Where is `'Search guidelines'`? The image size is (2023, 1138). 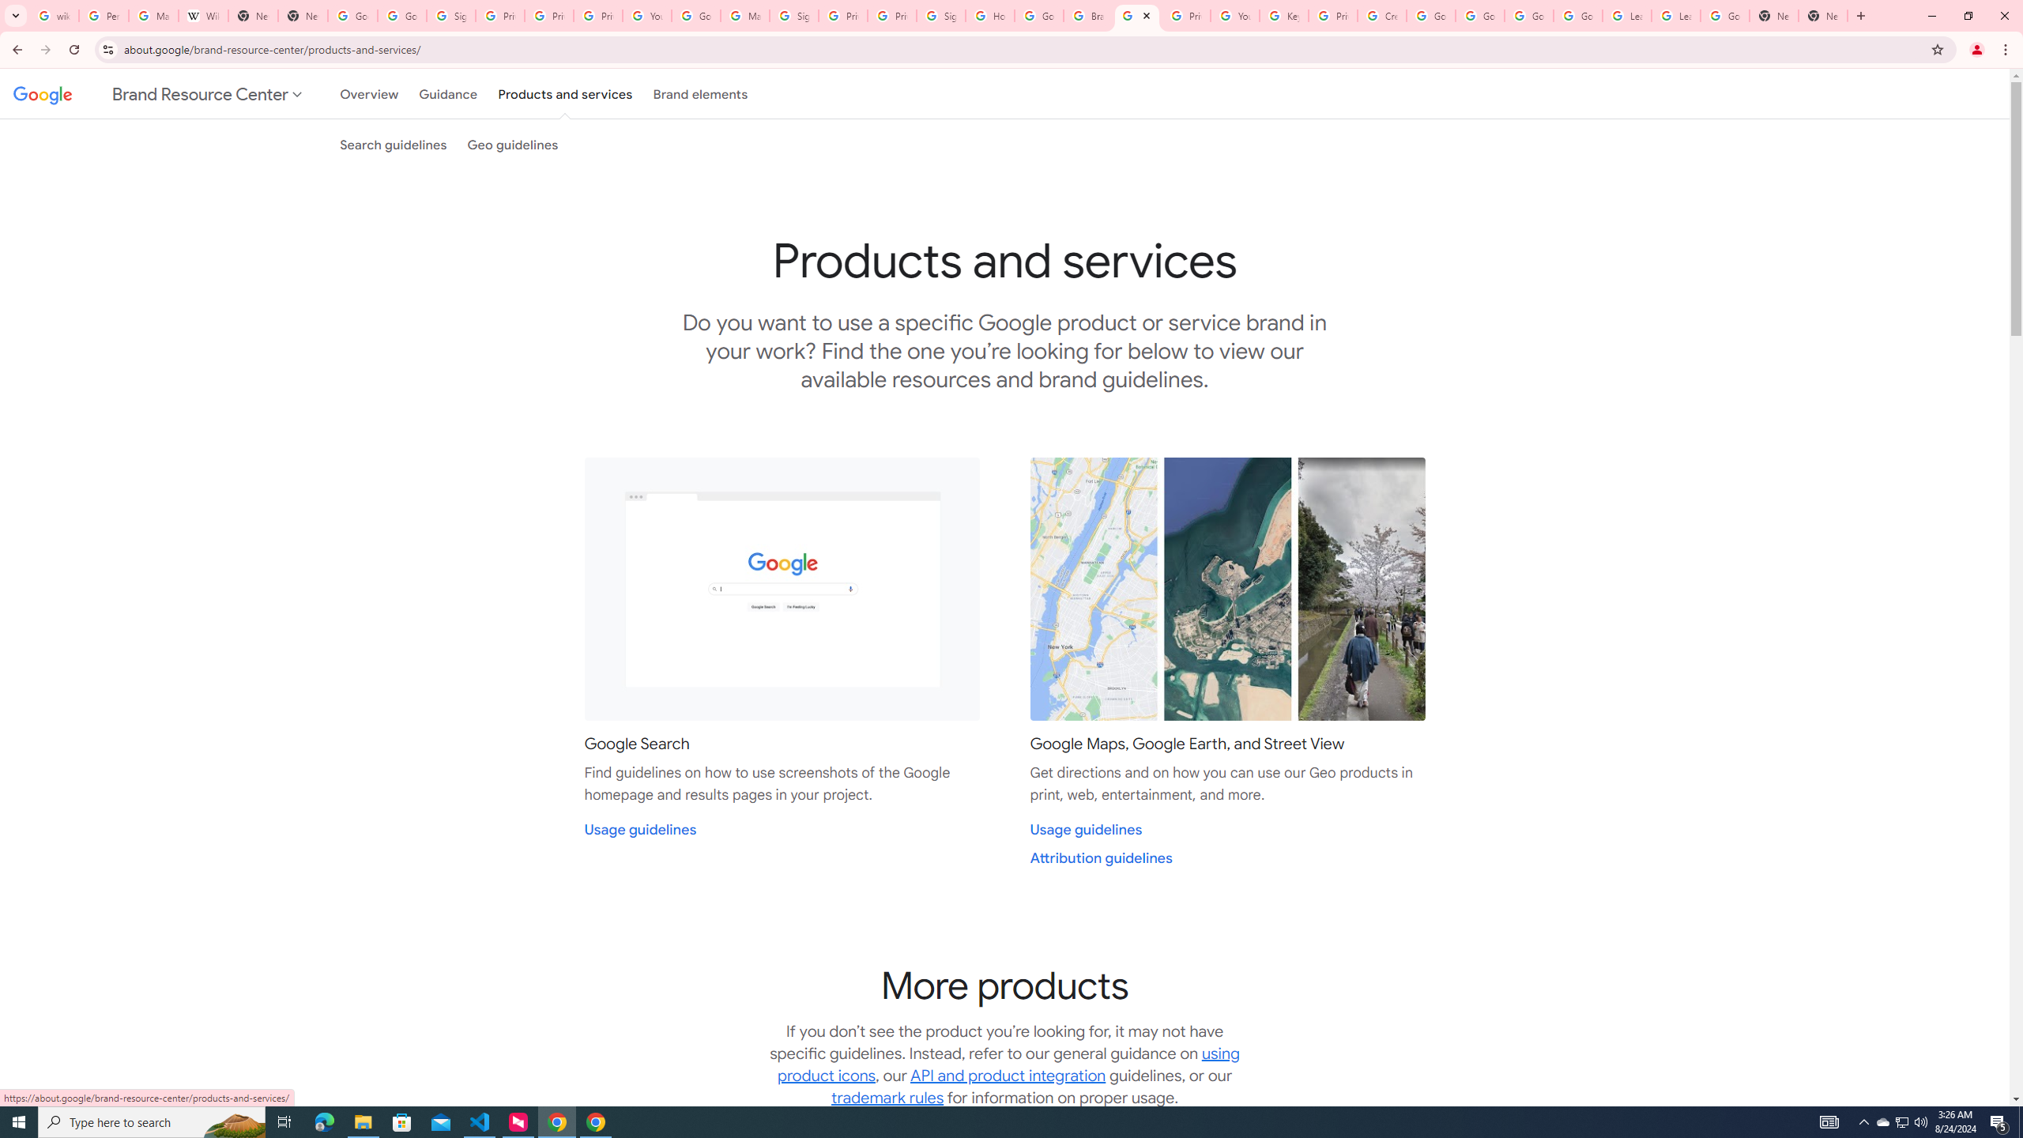
'Search guidelines' is located at coordinates (393, 143).